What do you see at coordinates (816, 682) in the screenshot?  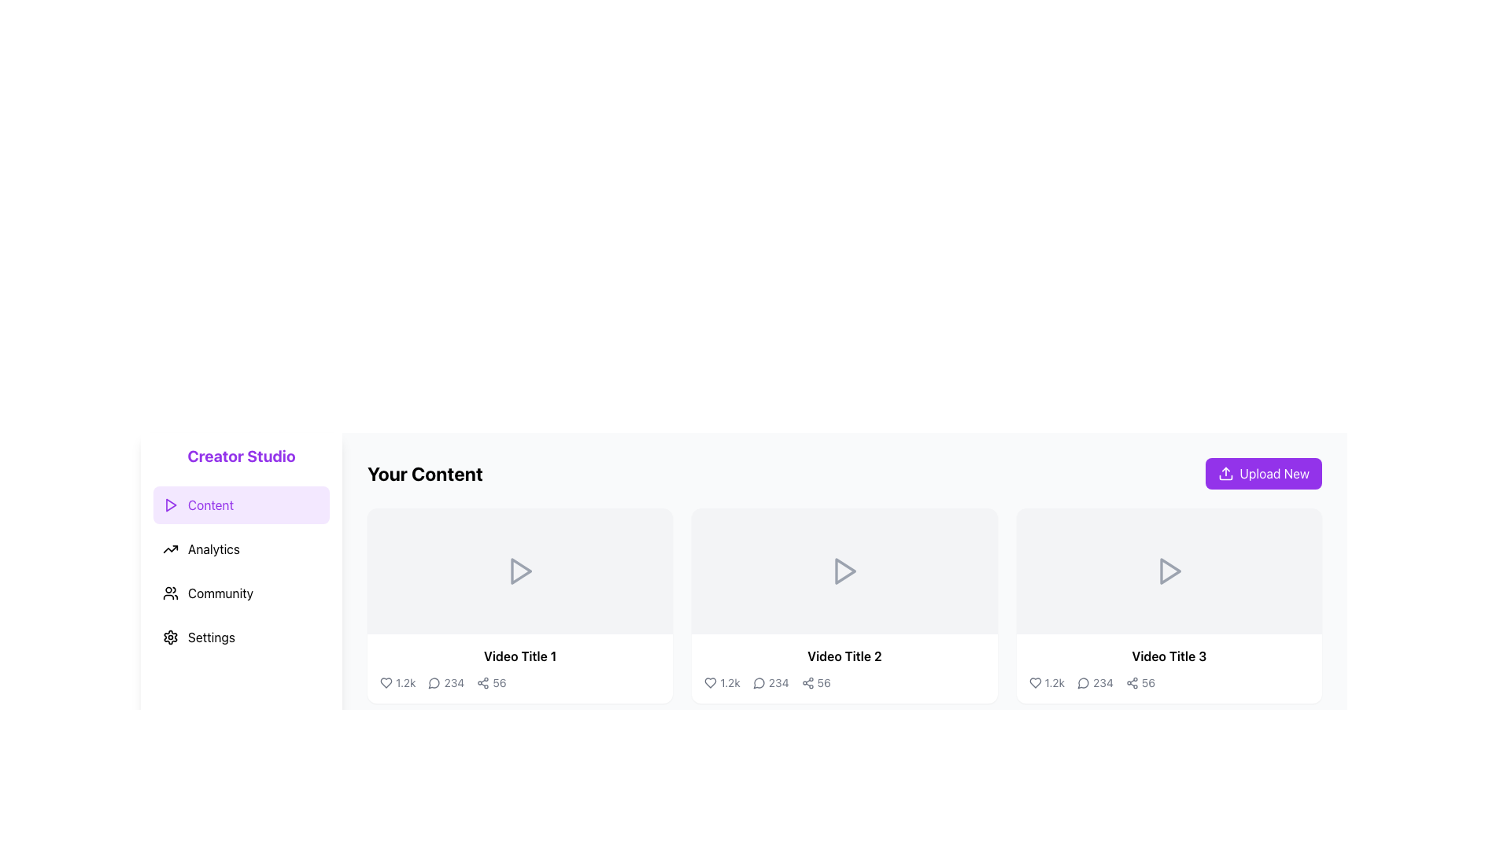 I see `the interactive share indicator element located at the bottom of the 'Video Title 2' card, positioned to the right of the '234' comment count indicator` at bounding box center [816, 682].